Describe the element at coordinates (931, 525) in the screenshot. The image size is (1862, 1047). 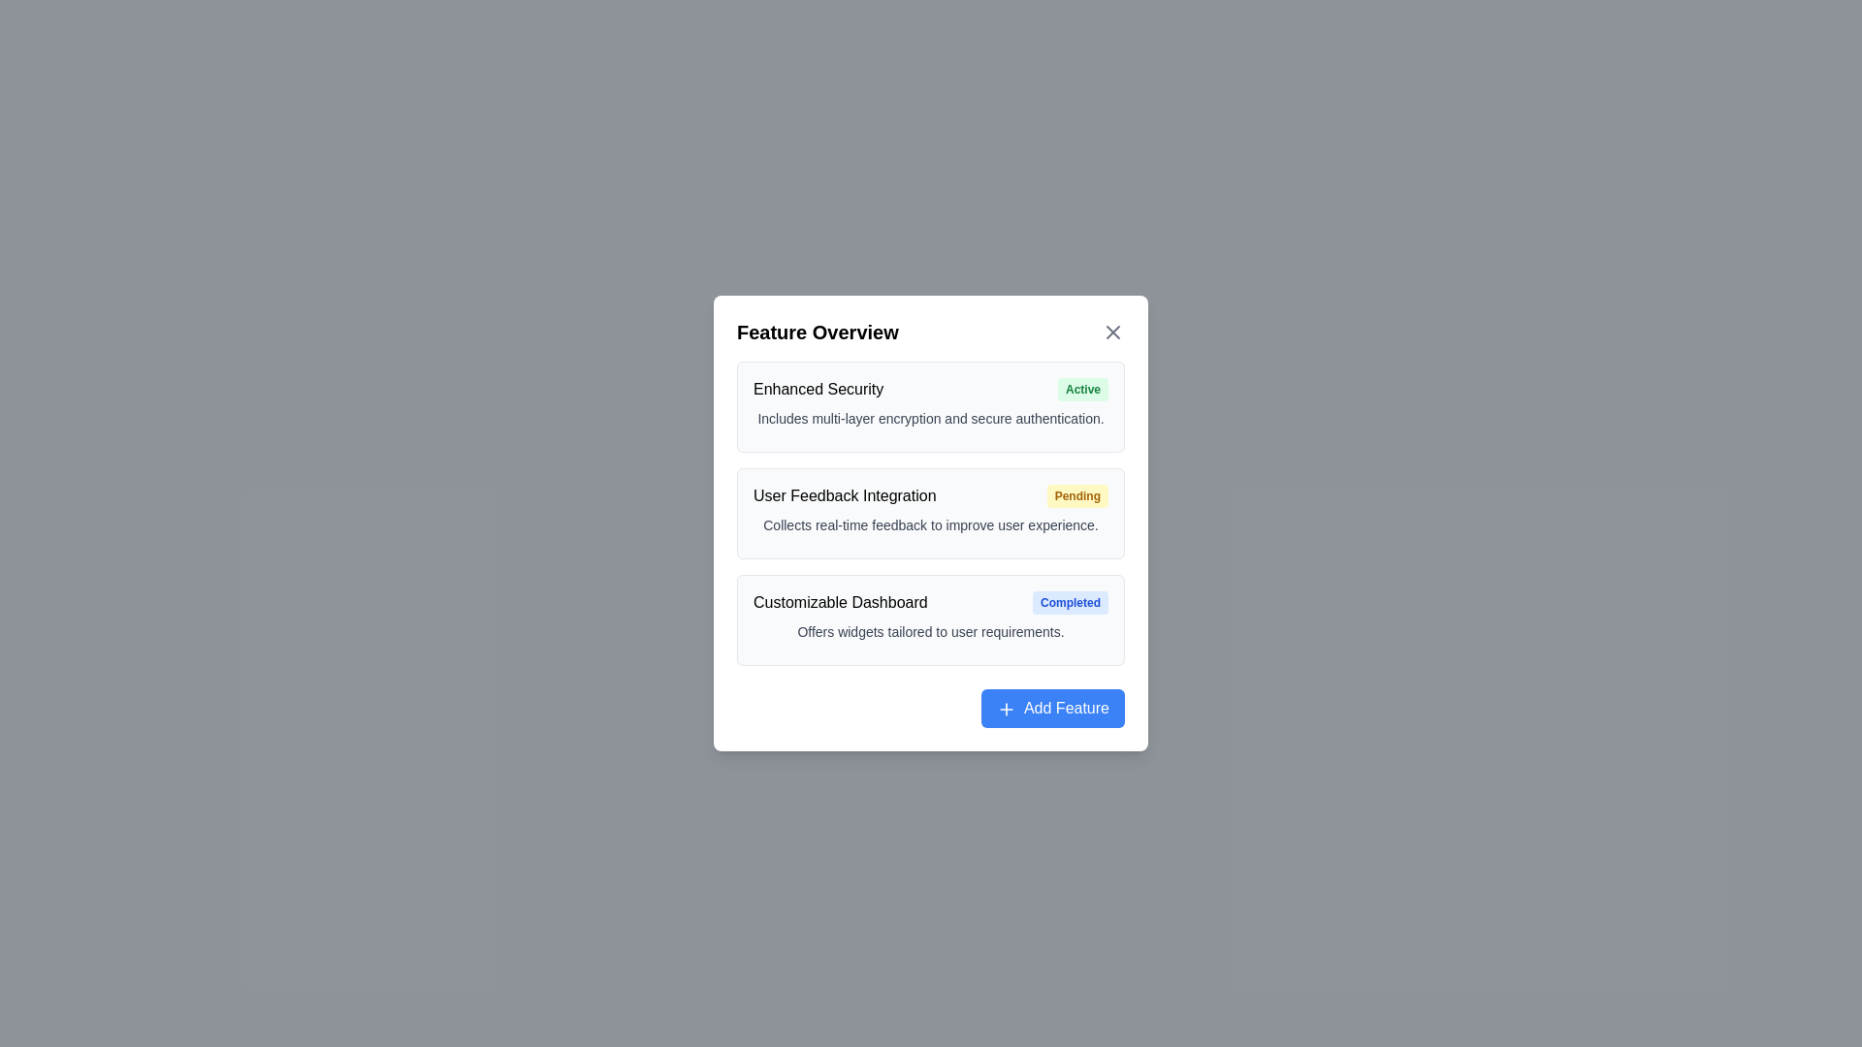
I see `the text element that provides a brief description of the 'User Feedback Integration' feature, located below its sub-header and status 'Pending'` at that location.